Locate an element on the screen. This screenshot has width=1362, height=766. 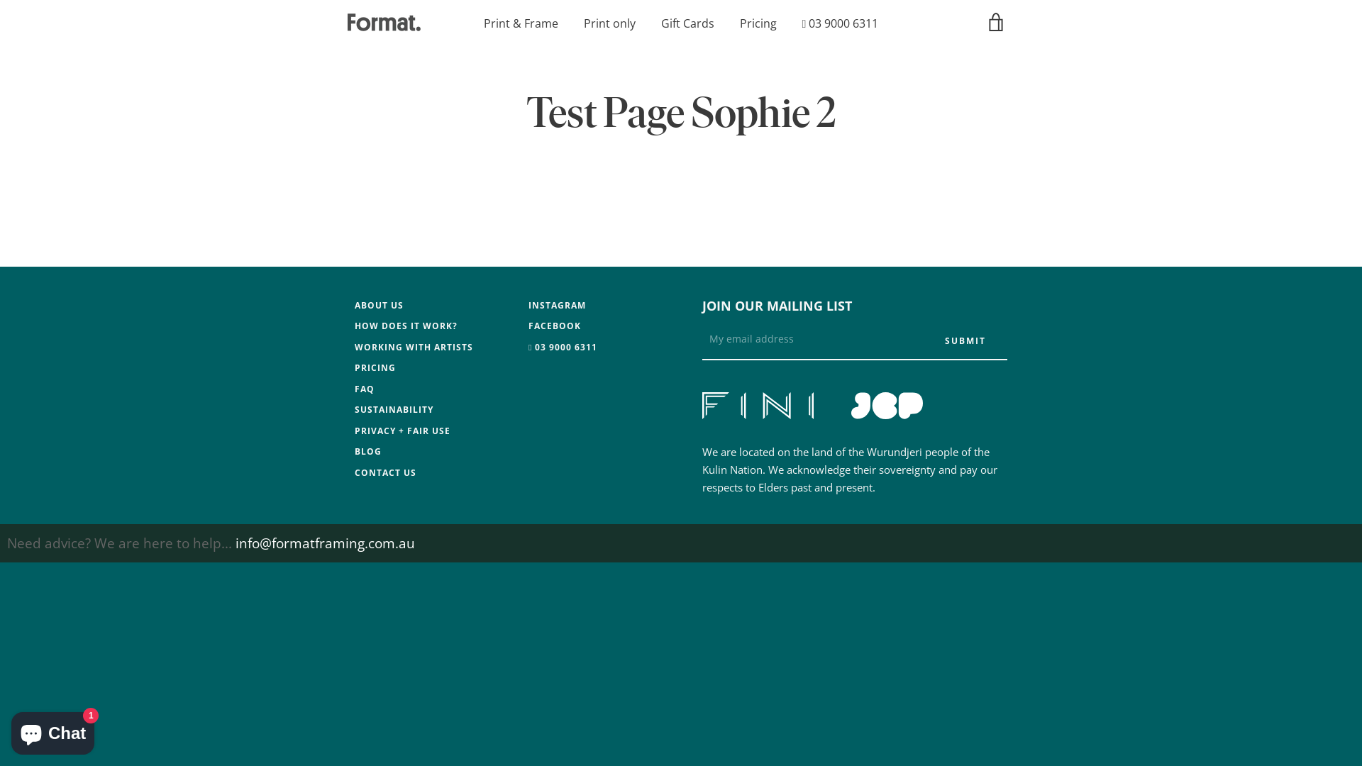
'Skip to content' is located at coordinates (0, 0).